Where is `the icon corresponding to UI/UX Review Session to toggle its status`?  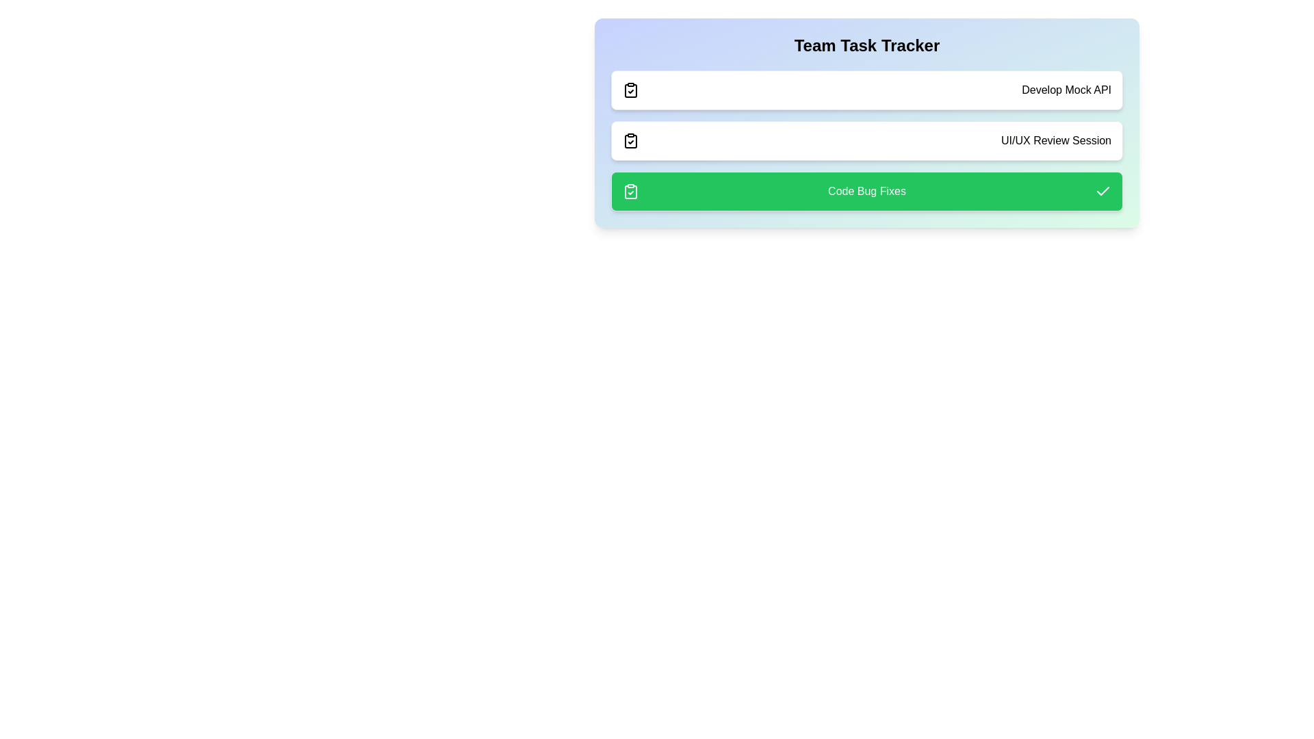 the icon corresponding to UI/UX Review Session to toggle its status is located at coordinates (630, 140).